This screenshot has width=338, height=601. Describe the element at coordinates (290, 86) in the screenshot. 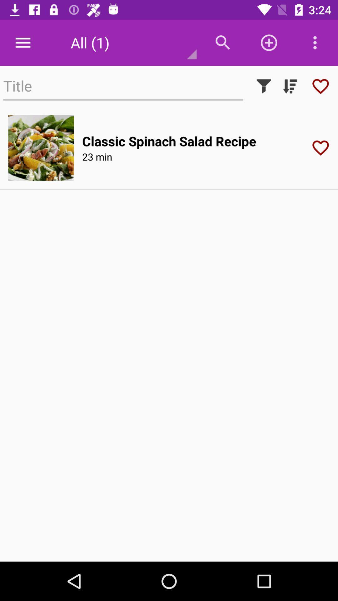

I see `sort by option` at that location.